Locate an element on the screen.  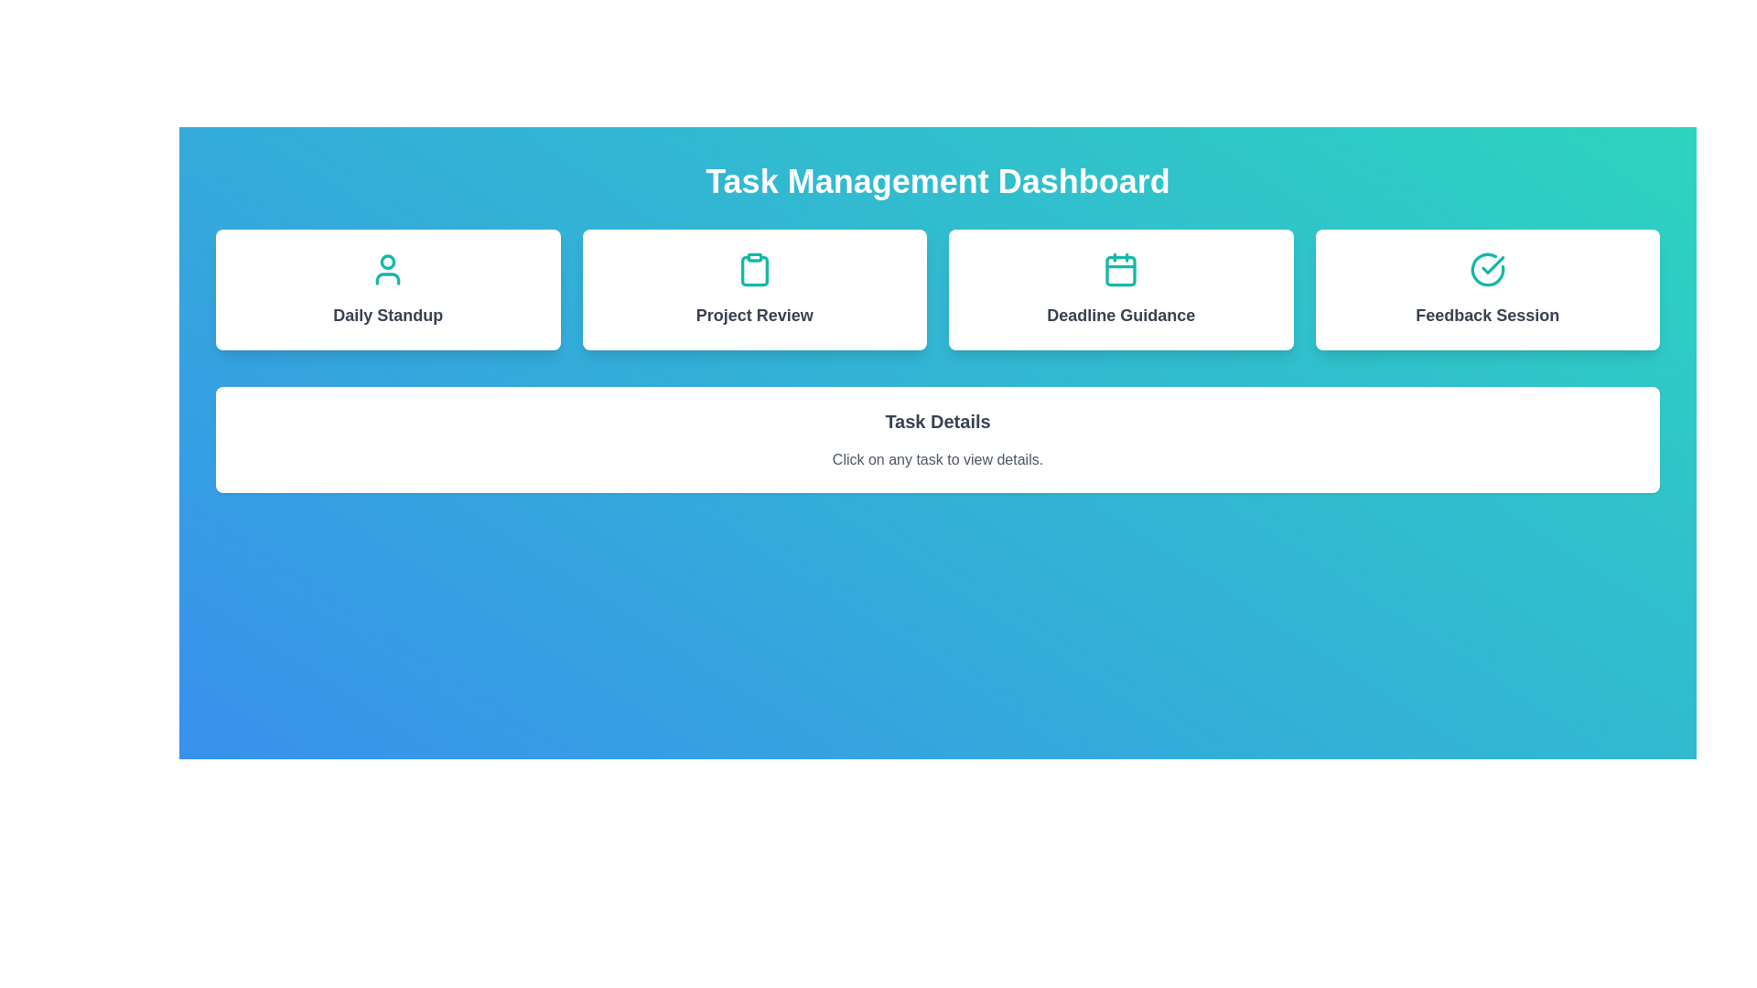
the text element displaying 'Deadline Guidance' in bold dark gray font located in the lower section of the third card in a horizontally arranged group is located at coordinates (1120, 314).